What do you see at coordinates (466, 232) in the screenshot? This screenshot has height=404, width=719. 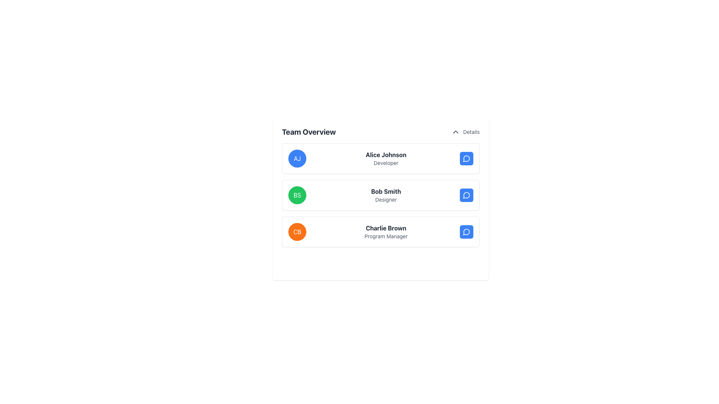 I see `the decorative vector graphic inside the speech bubble icon, located in the last row near 'Charlie Brown'` at bounding box center [466, 232].